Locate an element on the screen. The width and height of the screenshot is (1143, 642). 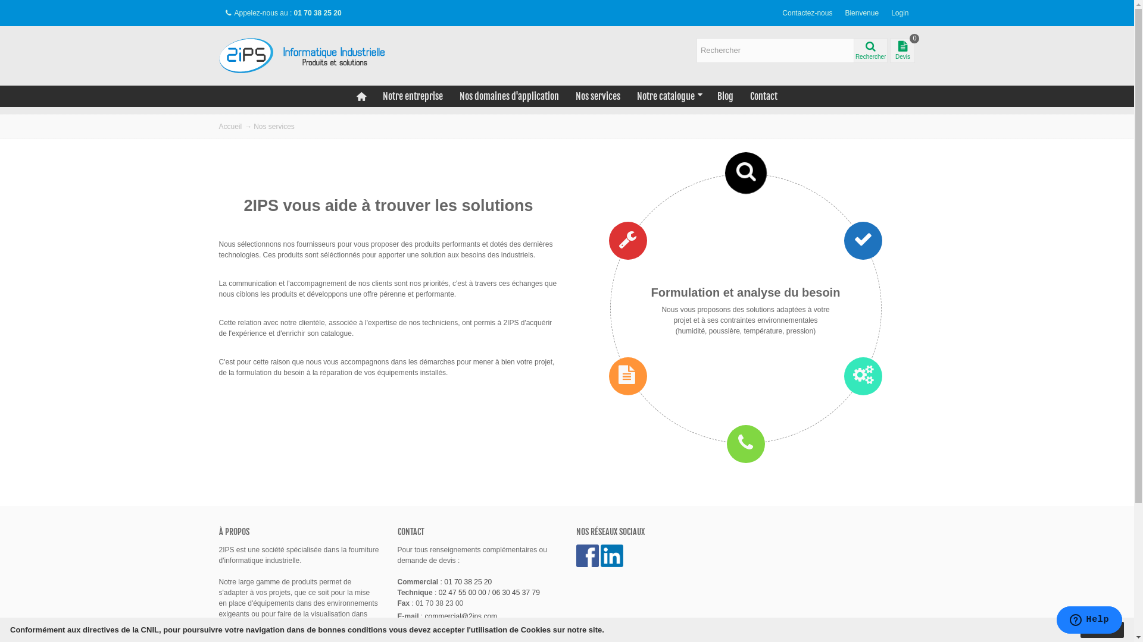
'Devis is located at coordinates (902, 49).